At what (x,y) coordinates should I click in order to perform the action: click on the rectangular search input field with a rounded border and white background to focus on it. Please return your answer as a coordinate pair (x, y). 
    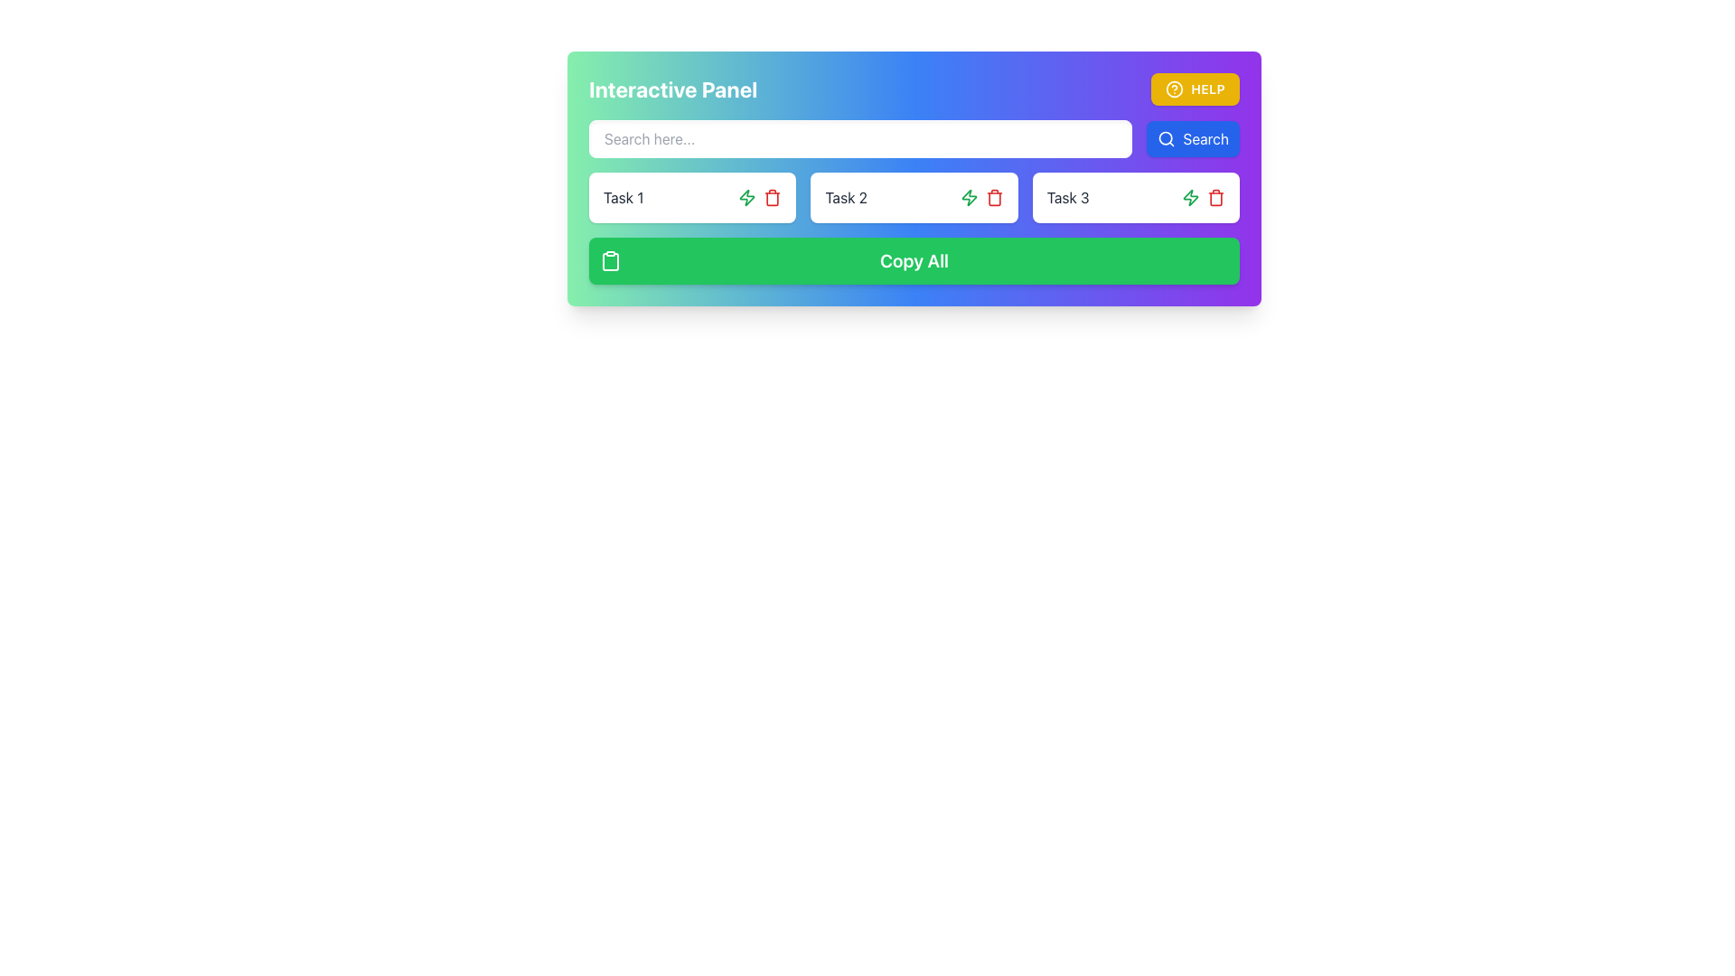
    Looking at the image, I should click on (914, 138).